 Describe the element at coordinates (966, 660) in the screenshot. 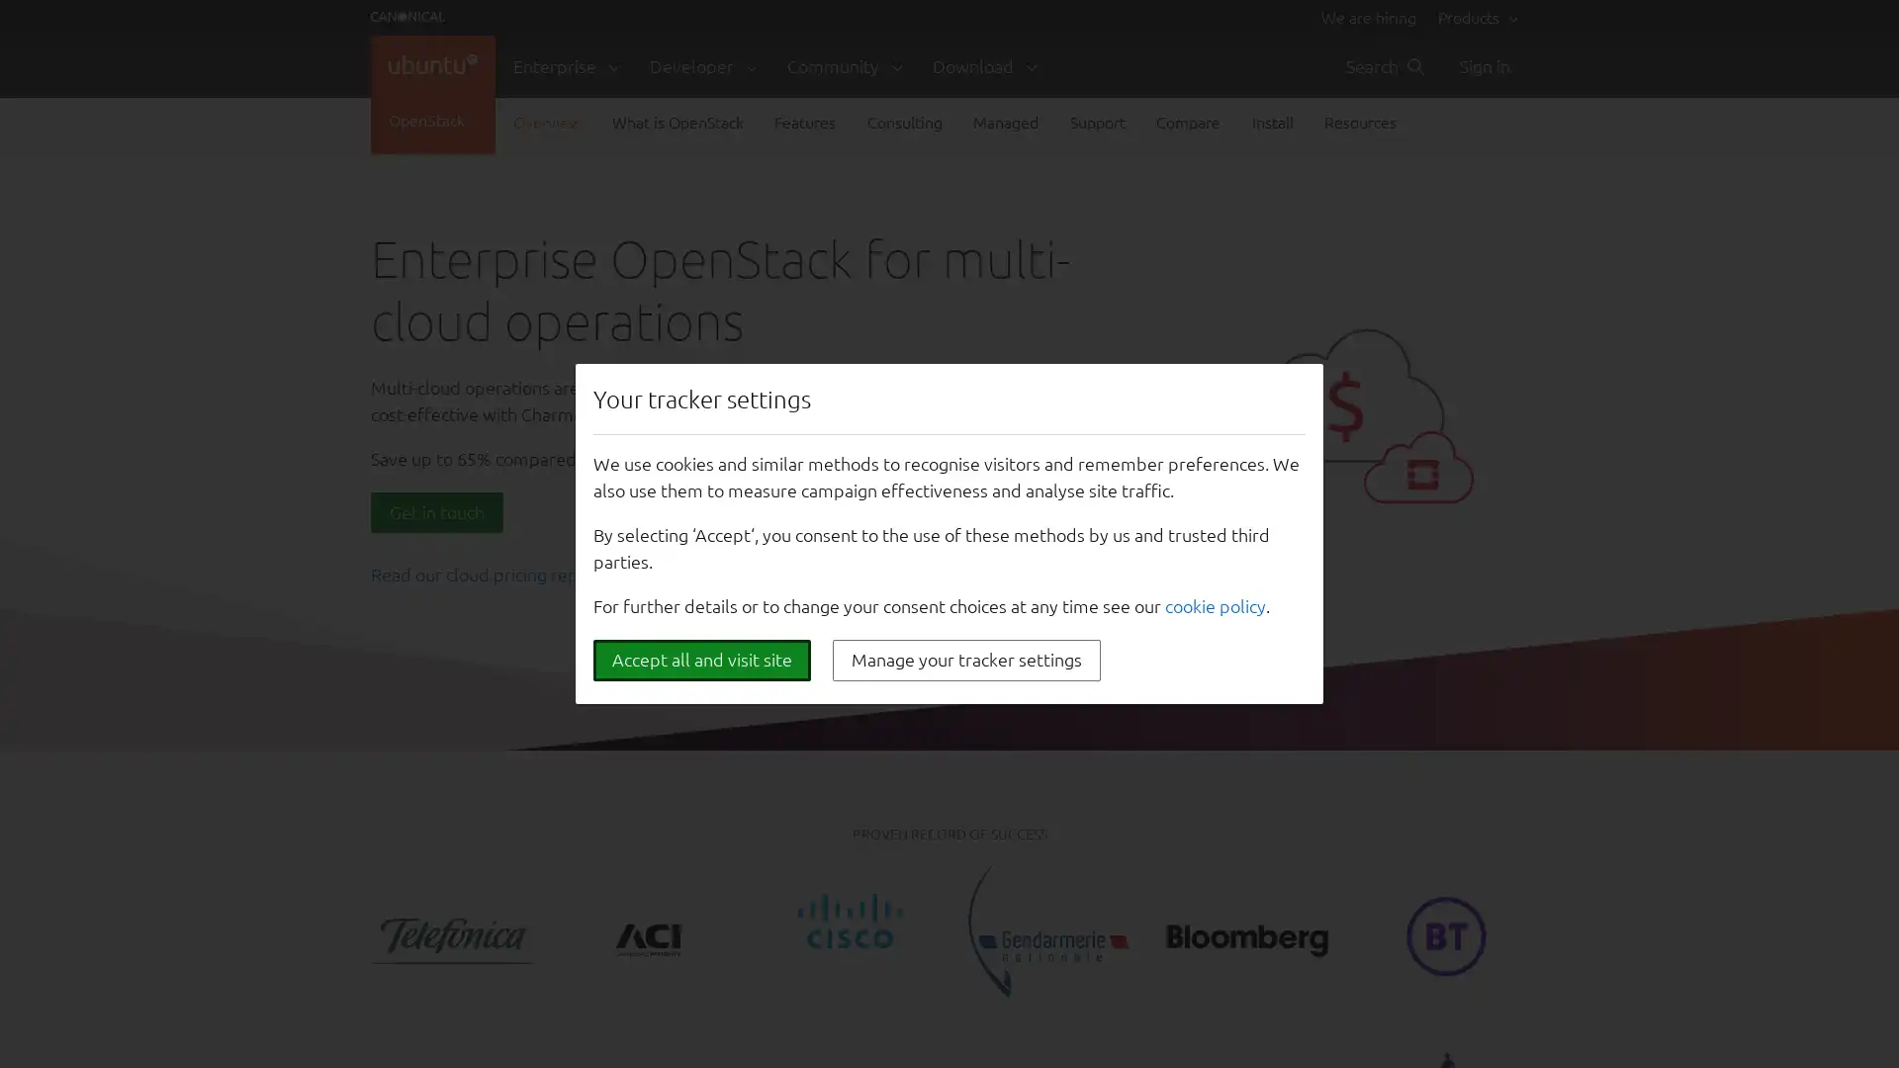

I see `Manage your tracker settings` at that location.